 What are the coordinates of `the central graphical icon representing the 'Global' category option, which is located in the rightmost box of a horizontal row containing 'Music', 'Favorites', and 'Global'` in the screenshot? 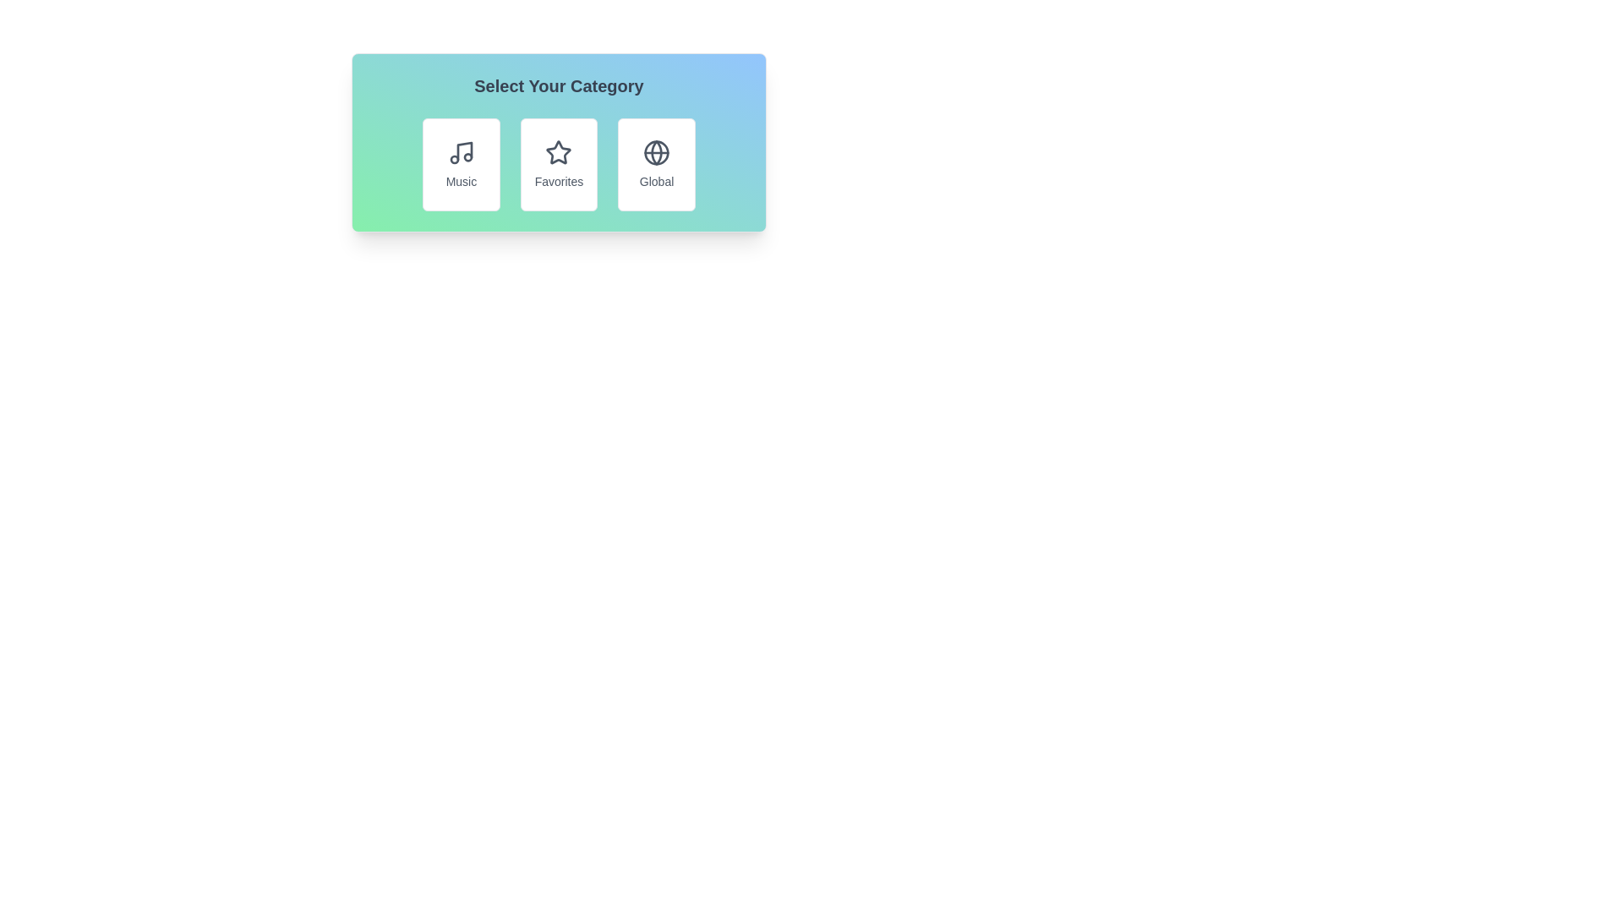 It's located at (656, 153).